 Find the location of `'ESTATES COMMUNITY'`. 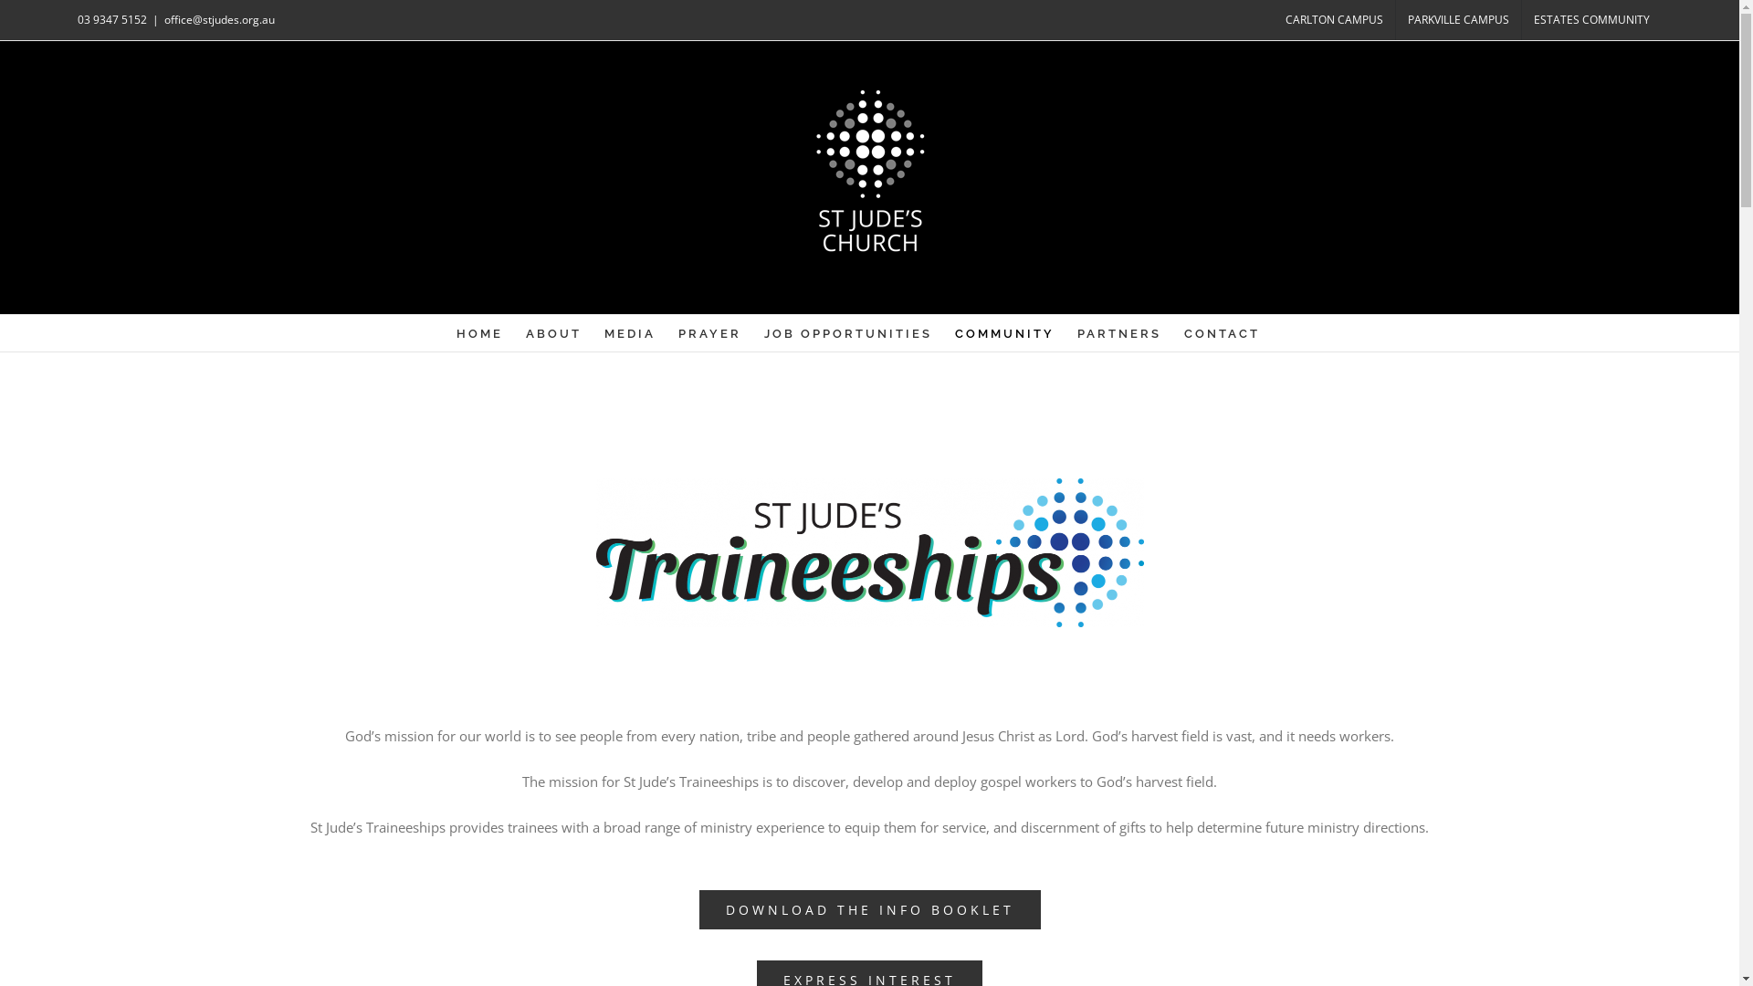

'ESTATES COMMUNITY' is located at coordinates (1590, 20).